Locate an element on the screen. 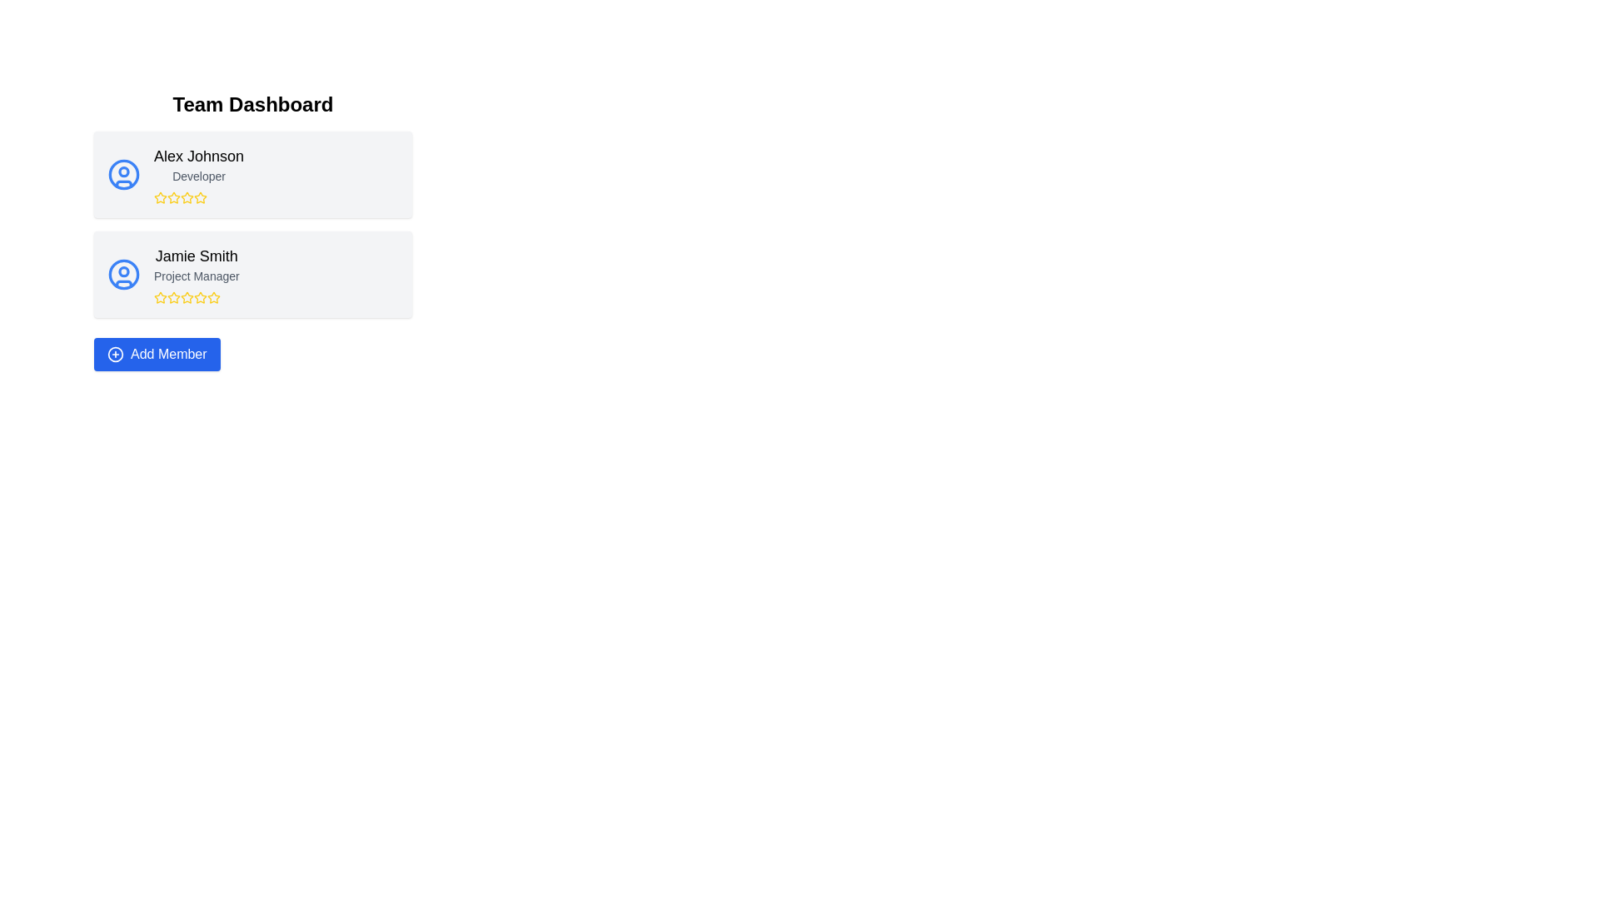  the graphical component that represents part of the user avatar icon within the profile card labeled 'Alex Johnson - Developer' is located at coordinates (122, 174).